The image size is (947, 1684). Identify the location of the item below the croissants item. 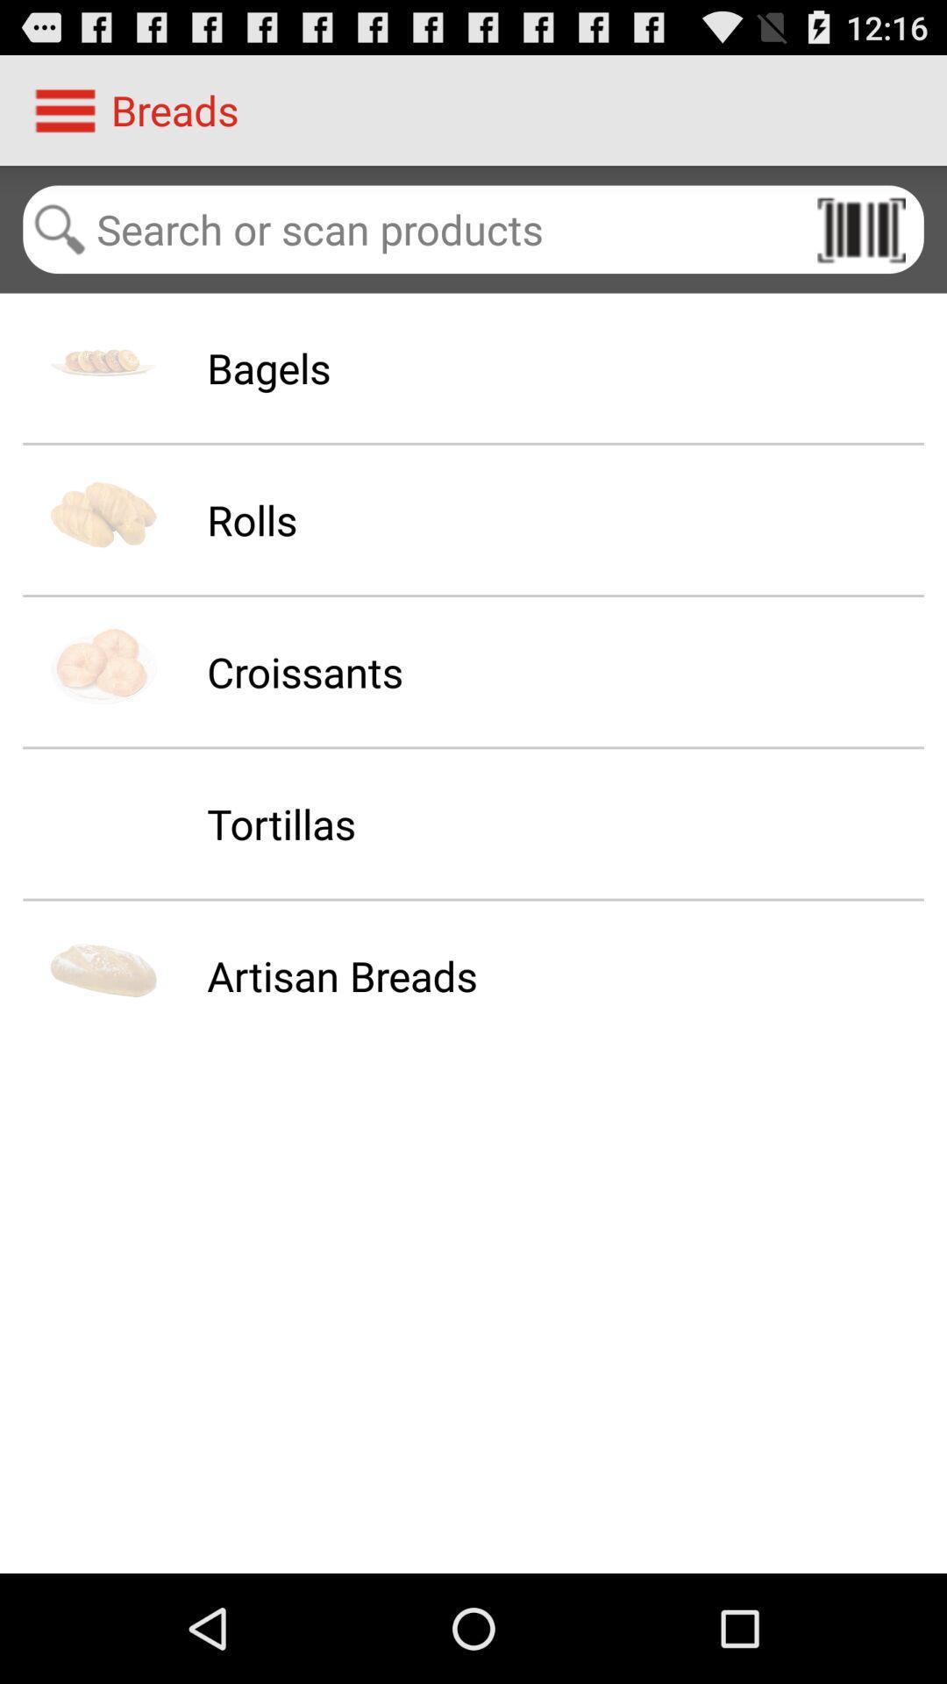
(280, 823).